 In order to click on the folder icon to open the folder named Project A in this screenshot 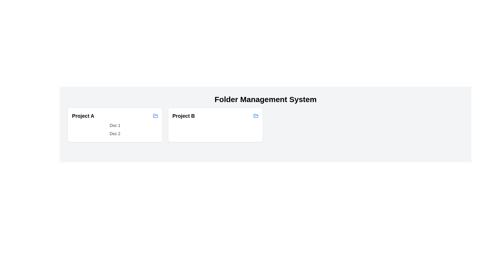, I will do `click(155, 116)`.